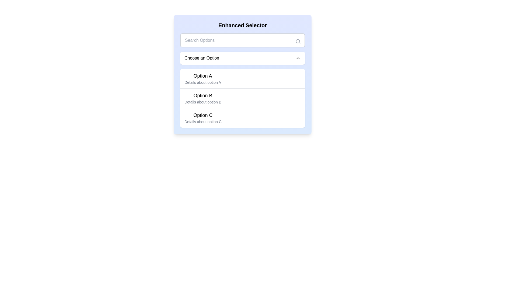  Describe the element at coordinates (202, 118) in the screenshot. I see `the third menu item in the vertical list` at that location.